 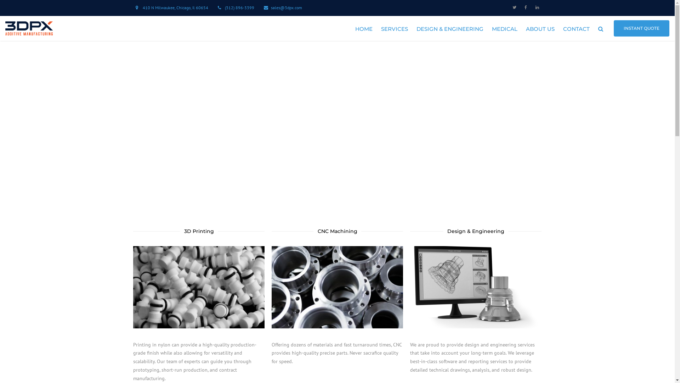 What do you see at coordinates (641, 28) in the screenshot?
I see `'INSTANT QUOTE'` at bounding box center [641, 28].